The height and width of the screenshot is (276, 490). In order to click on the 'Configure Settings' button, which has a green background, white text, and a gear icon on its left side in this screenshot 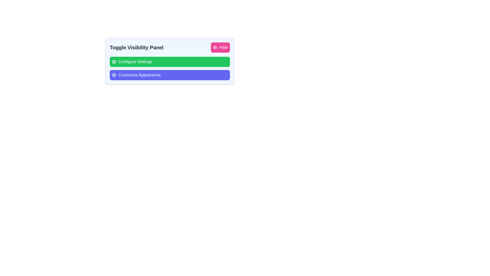, I will do `click(132, 62)`.